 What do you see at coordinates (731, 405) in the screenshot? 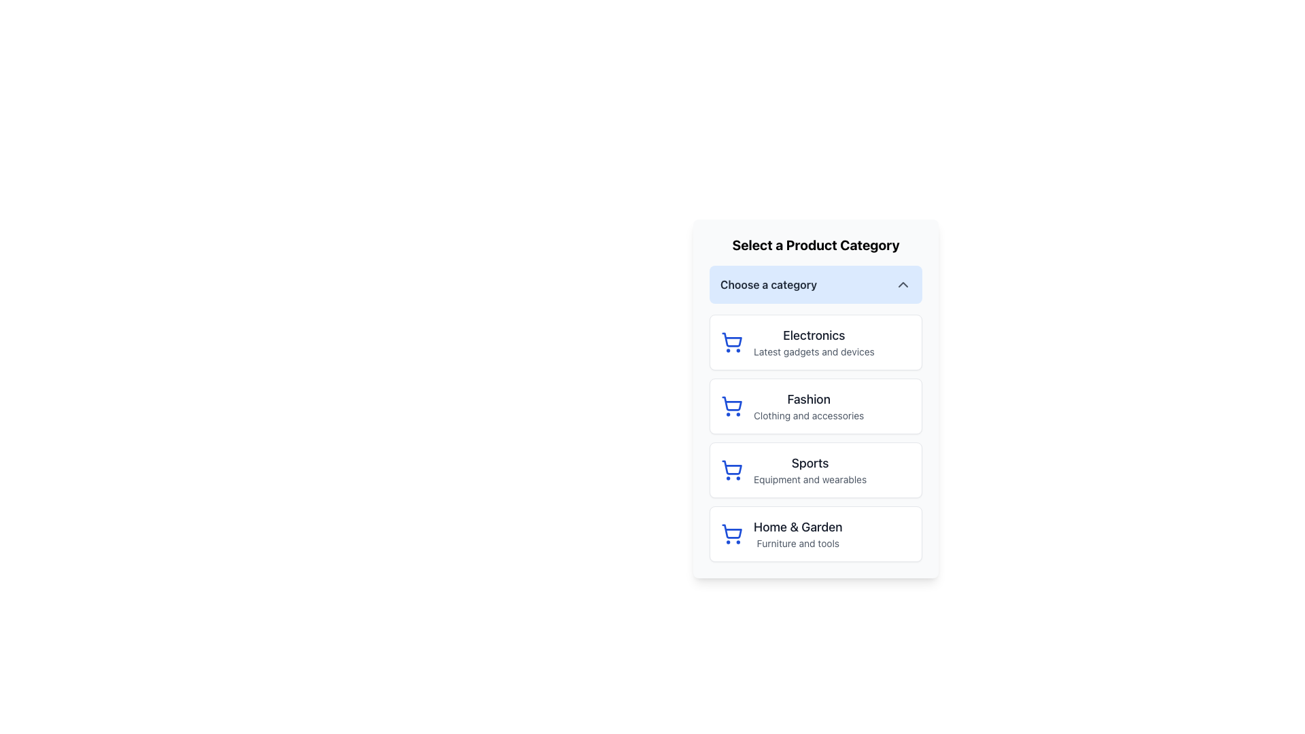
I see `the cart icon that visually represents the 'Fashion' category, located in the second row of the category list, to the left of the 'Fashion' heading` at bounding box center [731, 405].